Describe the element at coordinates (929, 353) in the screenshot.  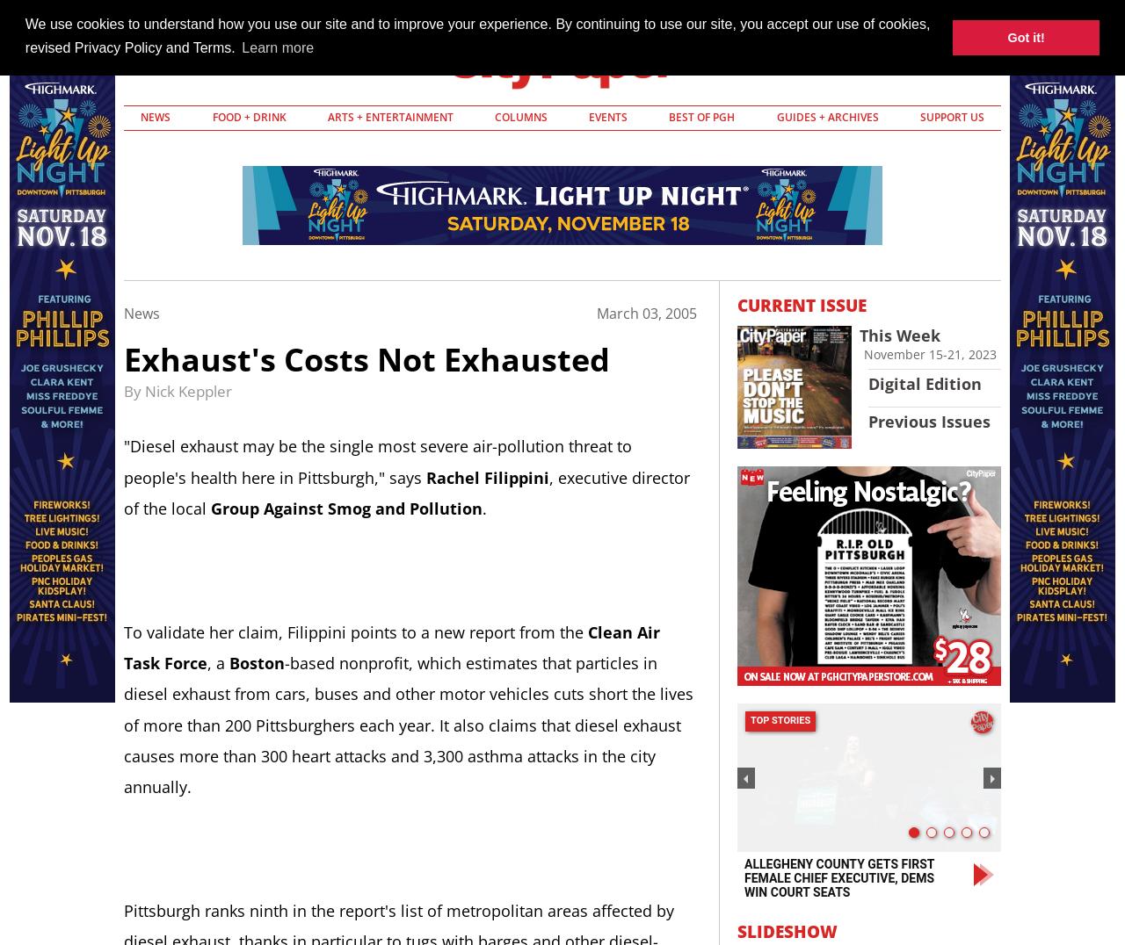
I see `'November 15-21, 2023'` at that location.